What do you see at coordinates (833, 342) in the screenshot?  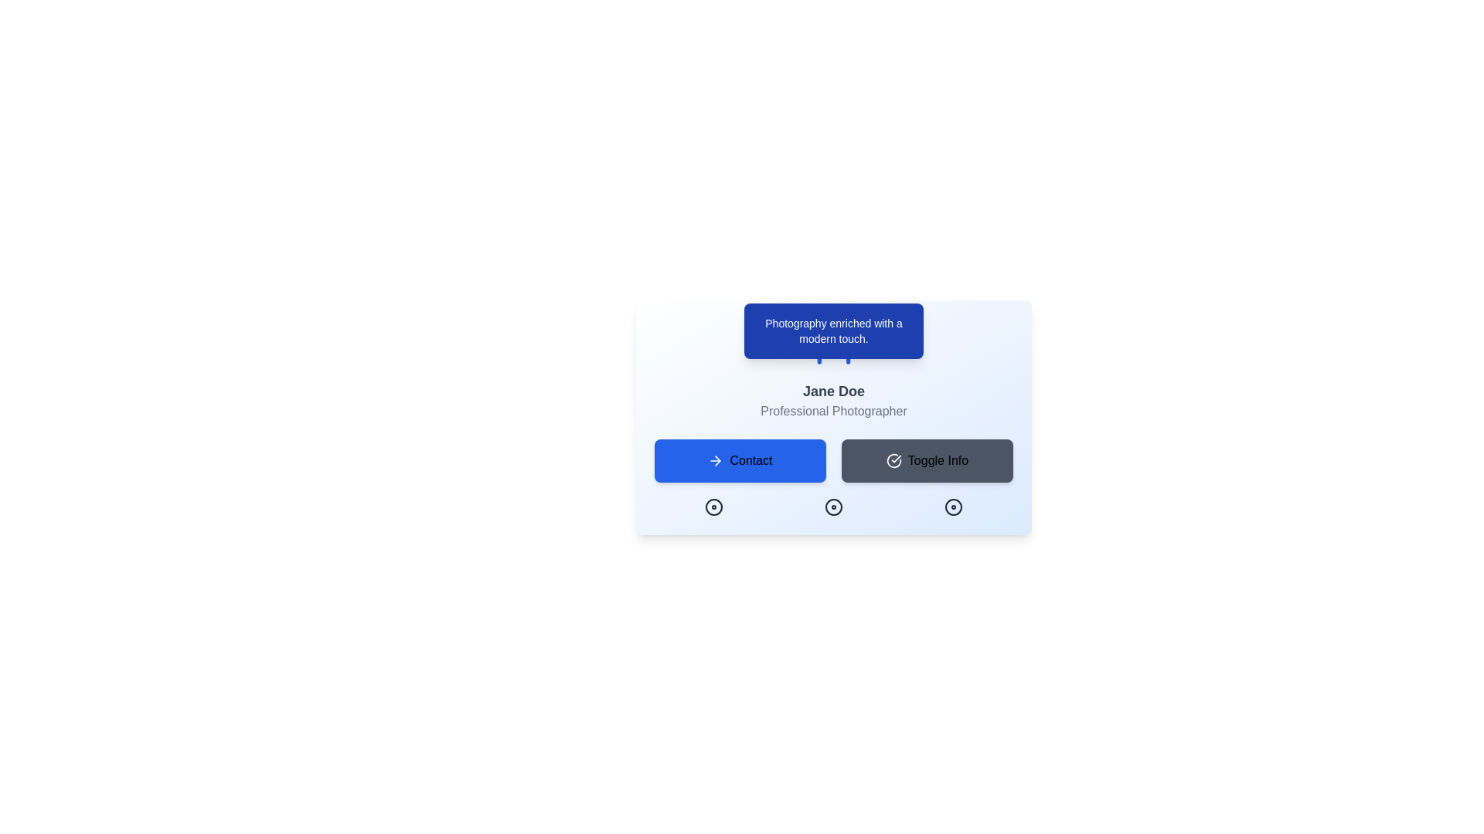 I see `the user silhouette icon styled in blue and white tones, positioned above the text 'Jane Doe' and aligned with the tooltip 'Photography enriched with a modern touch'` at bounding box center [833, 342].